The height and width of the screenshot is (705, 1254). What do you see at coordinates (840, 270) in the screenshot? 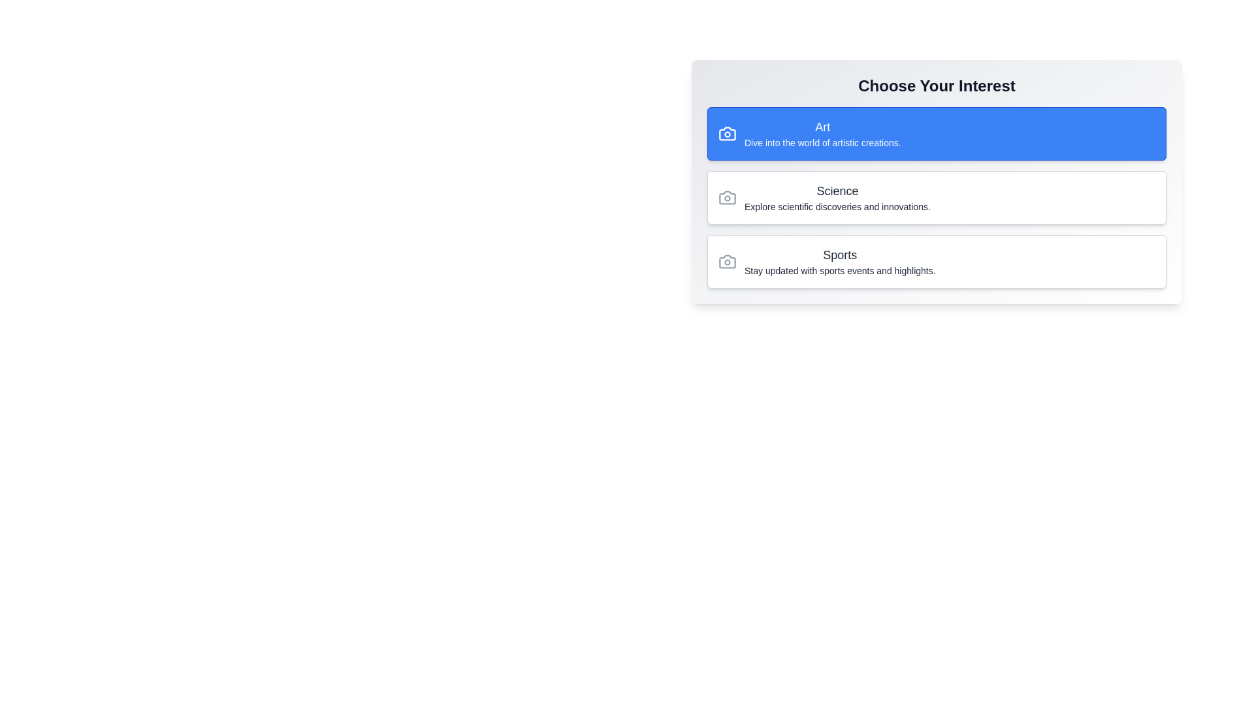
I see `the Informational Text element displaying 'Stay updated with sports events and highlights.' located below the 'Sports' title in the 'Sports' section` at bounding box center [840, 270].